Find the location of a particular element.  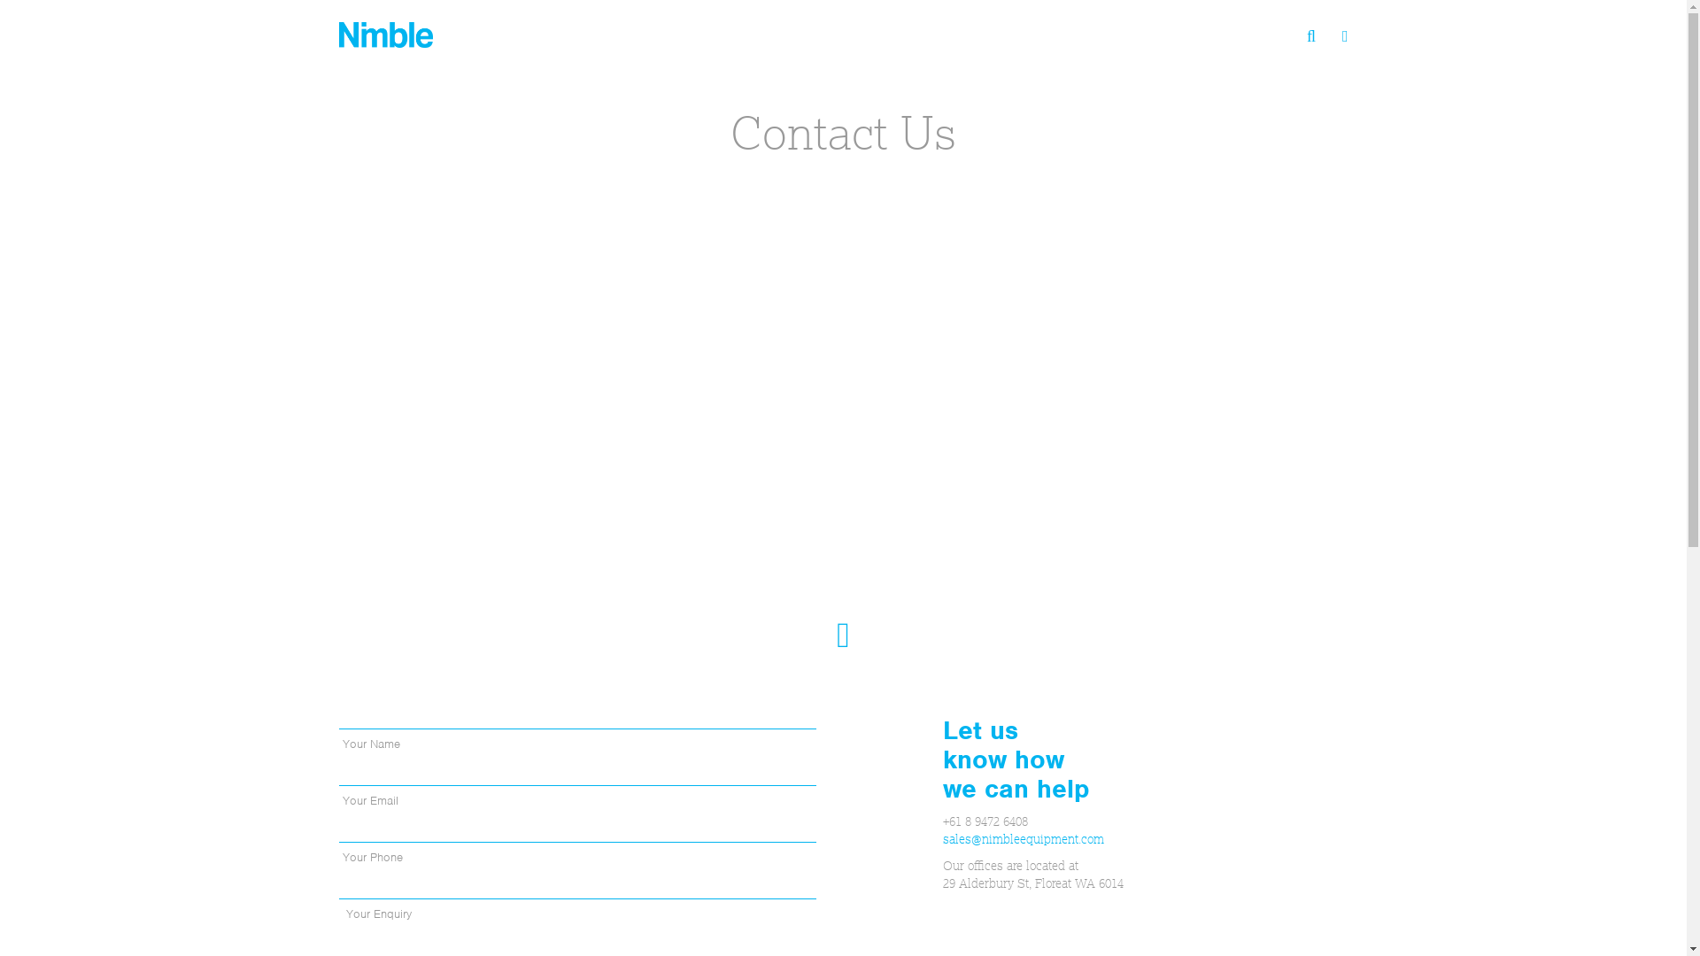

'sales@nimbleequipment.com' is located at coordinates (1024, 838).